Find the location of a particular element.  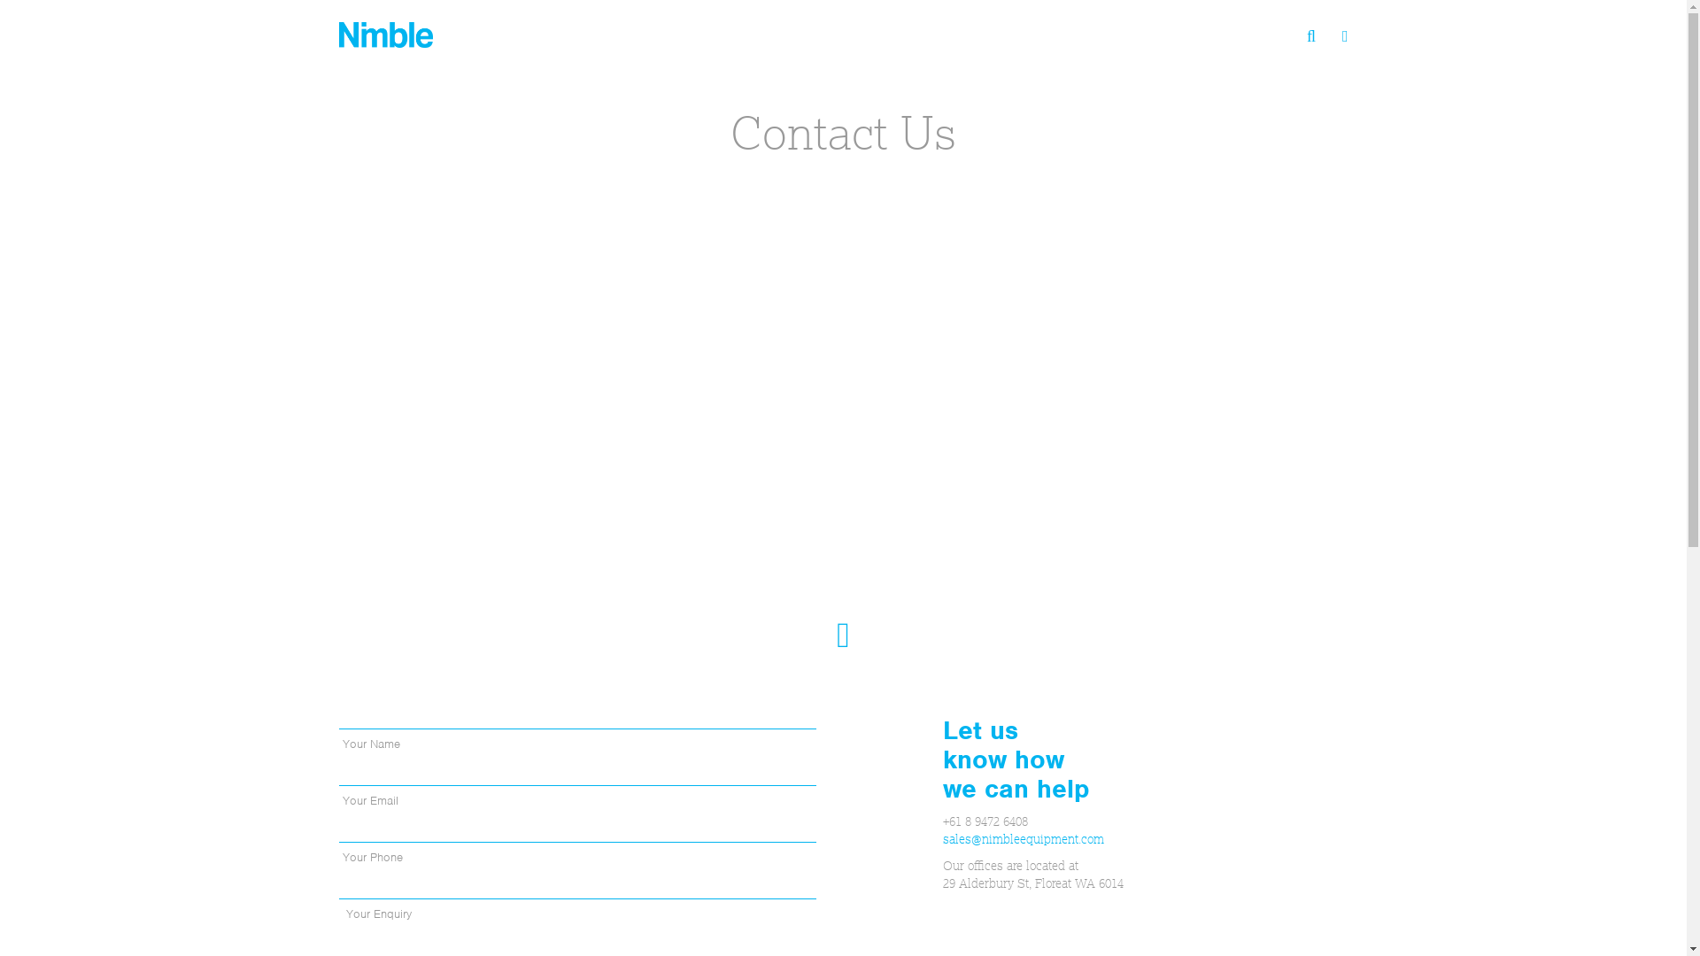

'sales@nimbleequipment.com' is located at coordinates (1024, 838).